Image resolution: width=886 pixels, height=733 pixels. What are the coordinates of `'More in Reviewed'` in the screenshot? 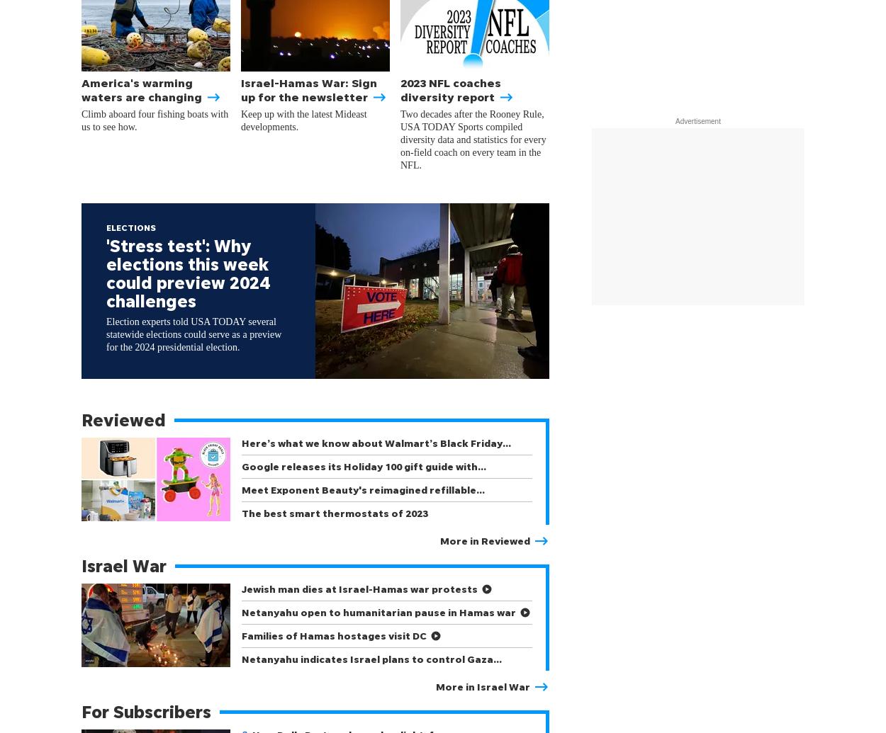 It's located at (485, 540).